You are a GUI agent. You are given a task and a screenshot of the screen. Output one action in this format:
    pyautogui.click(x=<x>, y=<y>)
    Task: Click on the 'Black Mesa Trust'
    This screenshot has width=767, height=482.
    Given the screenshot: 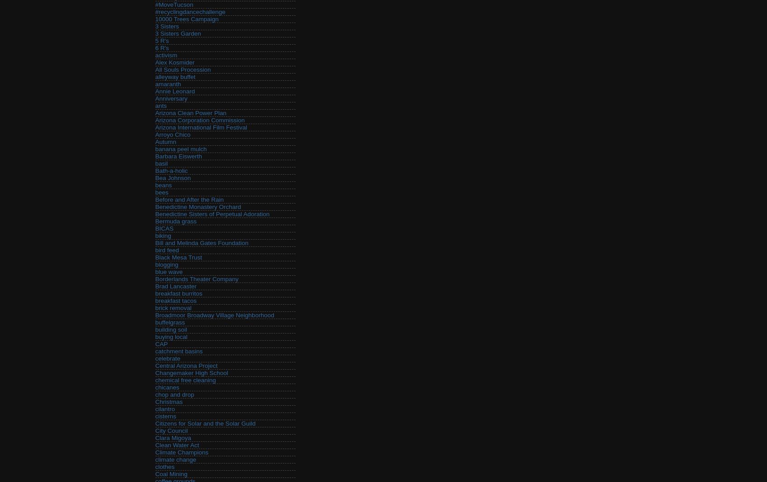 What is the action you would take?
    pyautogui.click(x=178, y=257)
    